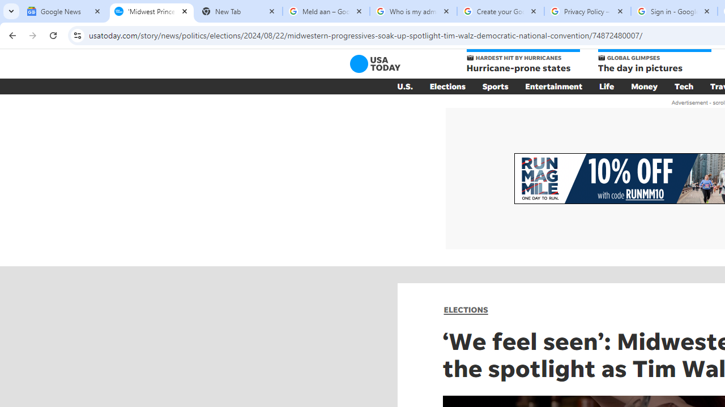  I want to click on 'Life', so click(606, 86).